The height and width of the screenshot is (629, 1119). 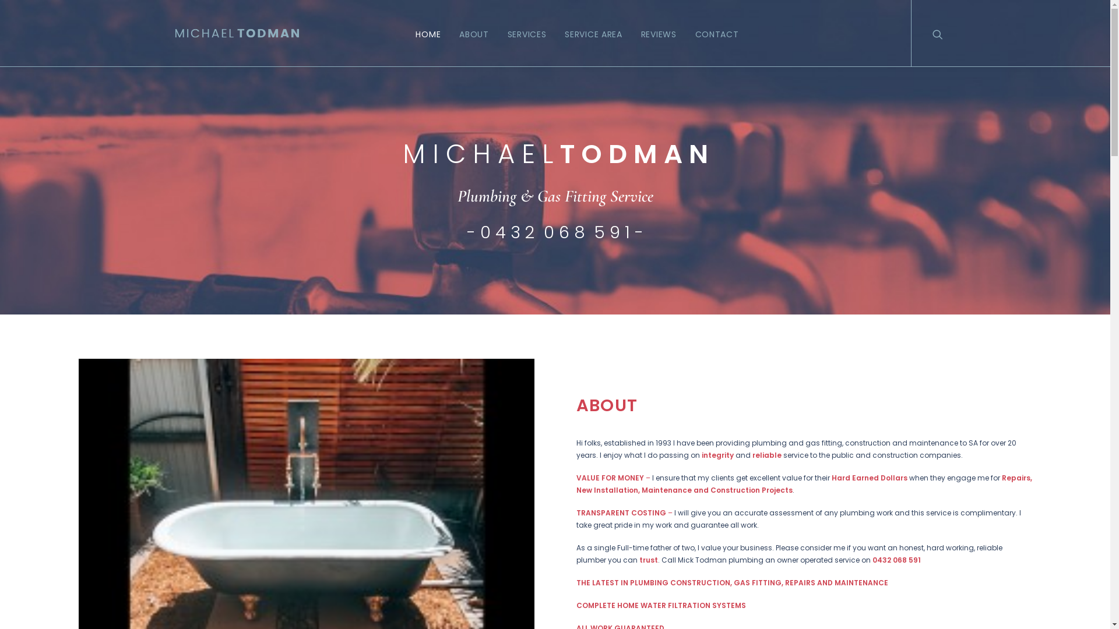 What do you see at coordinates (659, 33) in the screenshot?
I see `'REVIEWS'` at bounding box center [659, 33].